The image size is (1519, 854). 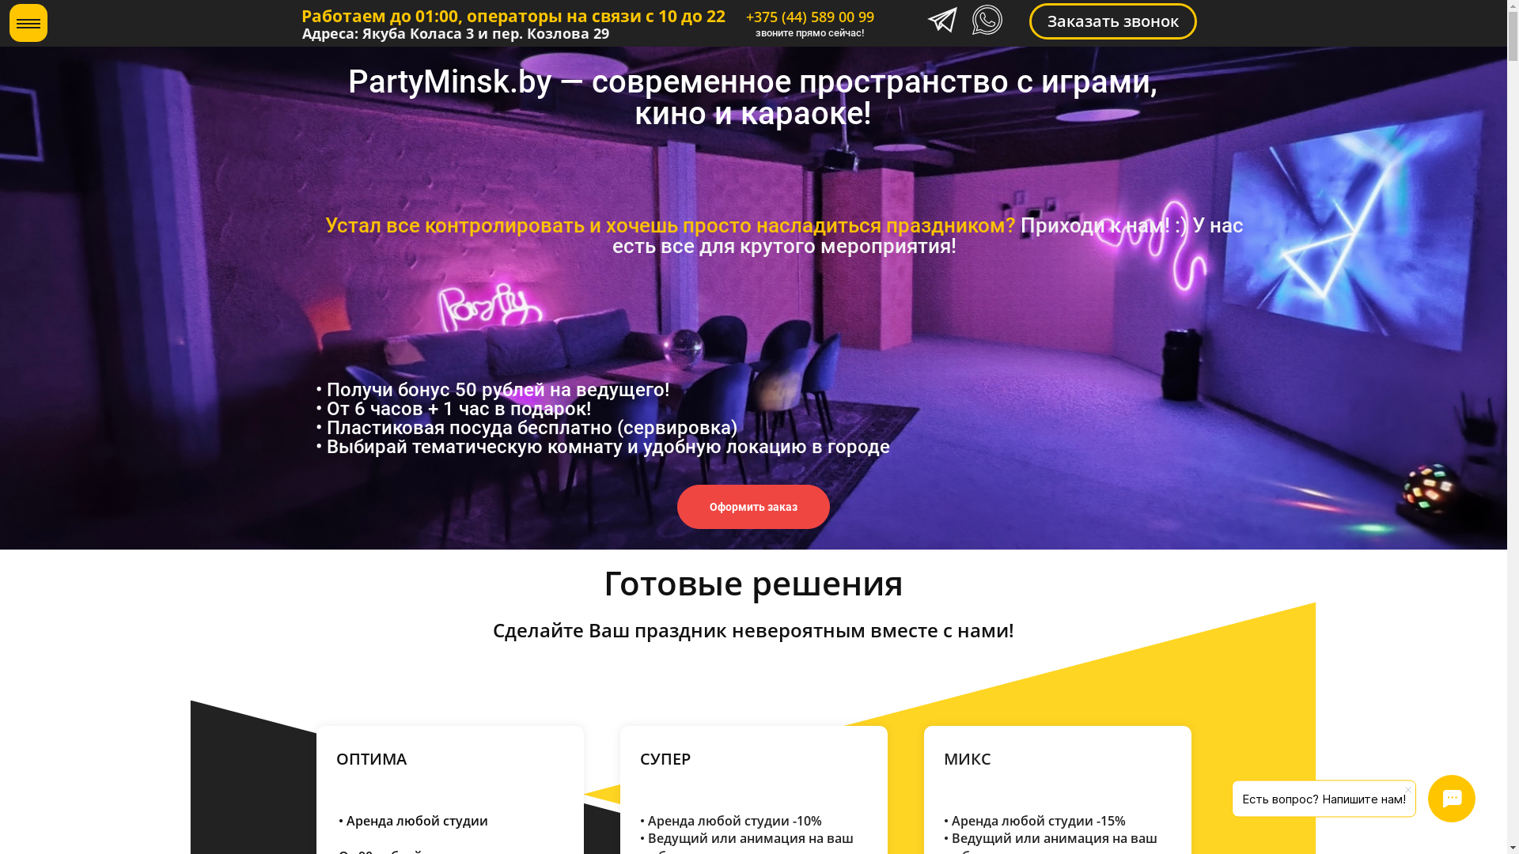 What do you see at coordinates (782, 16) in the screenshot?
I see `'+375 (44) 5'` at bounding box center [782, 16].